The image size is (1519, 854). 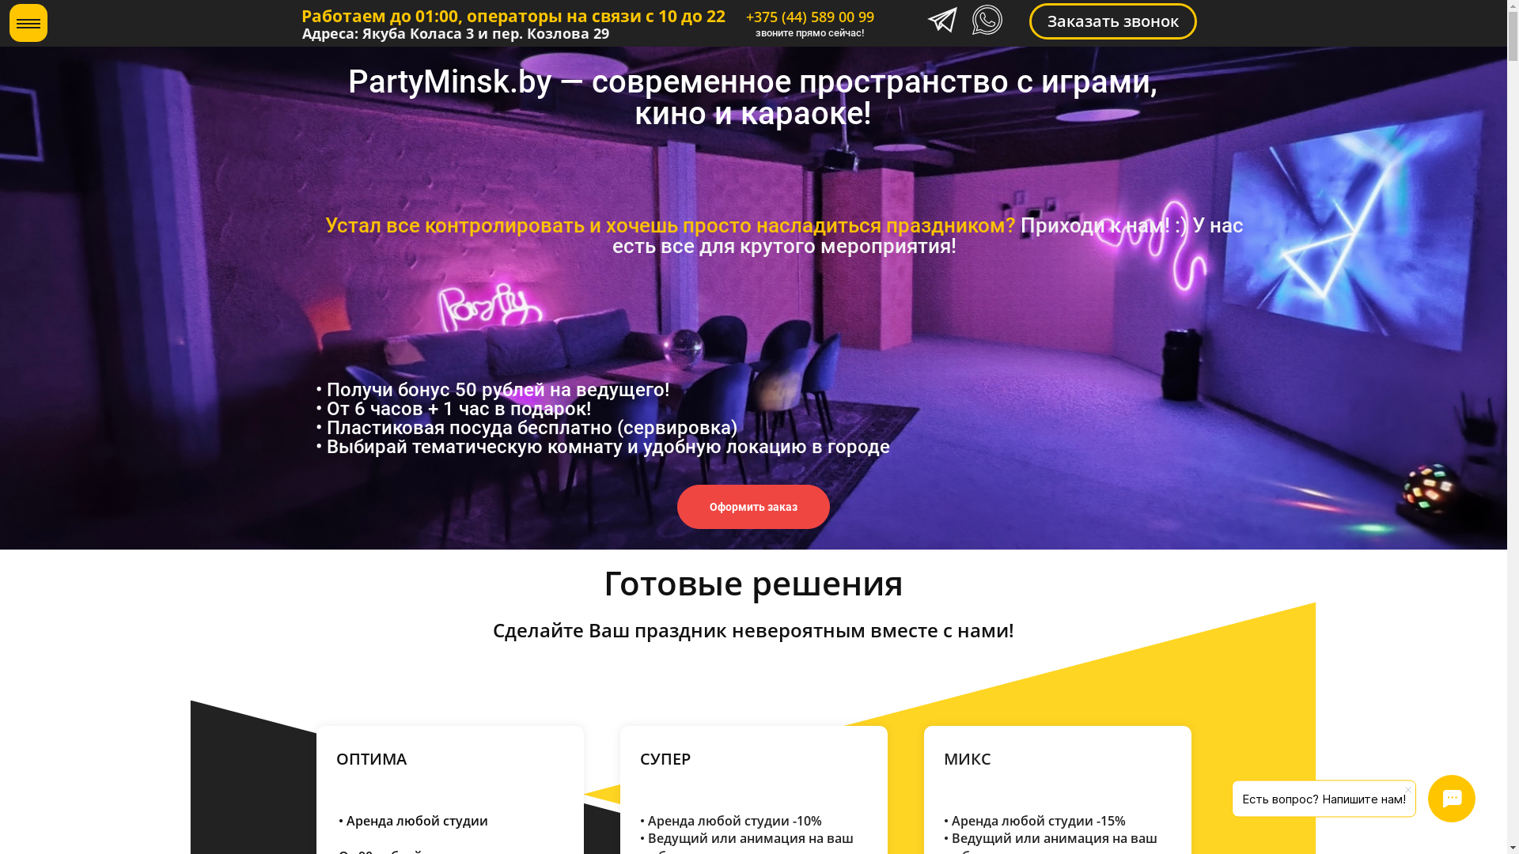 What do you see at coordinates (782, 16) in the screenshot?
I see `'+375 (44) 5'` at bounding box center [782, 16].